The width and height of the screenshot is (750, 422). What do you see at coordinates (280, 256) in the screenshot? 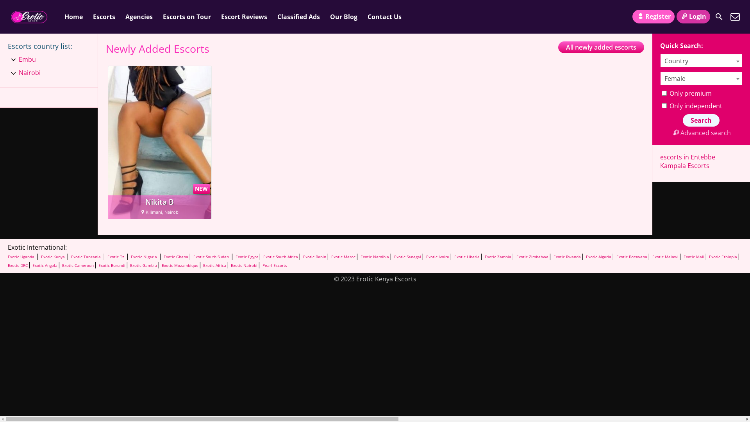
I see `'Exotic South Africa'` at bounding box center [280, 256].